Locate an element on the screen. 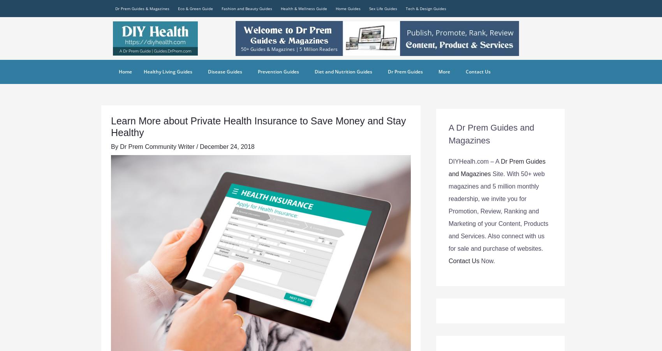 The image size is (662, 351). 'GizmoChunk.com' is located at coordinates (408, 71).